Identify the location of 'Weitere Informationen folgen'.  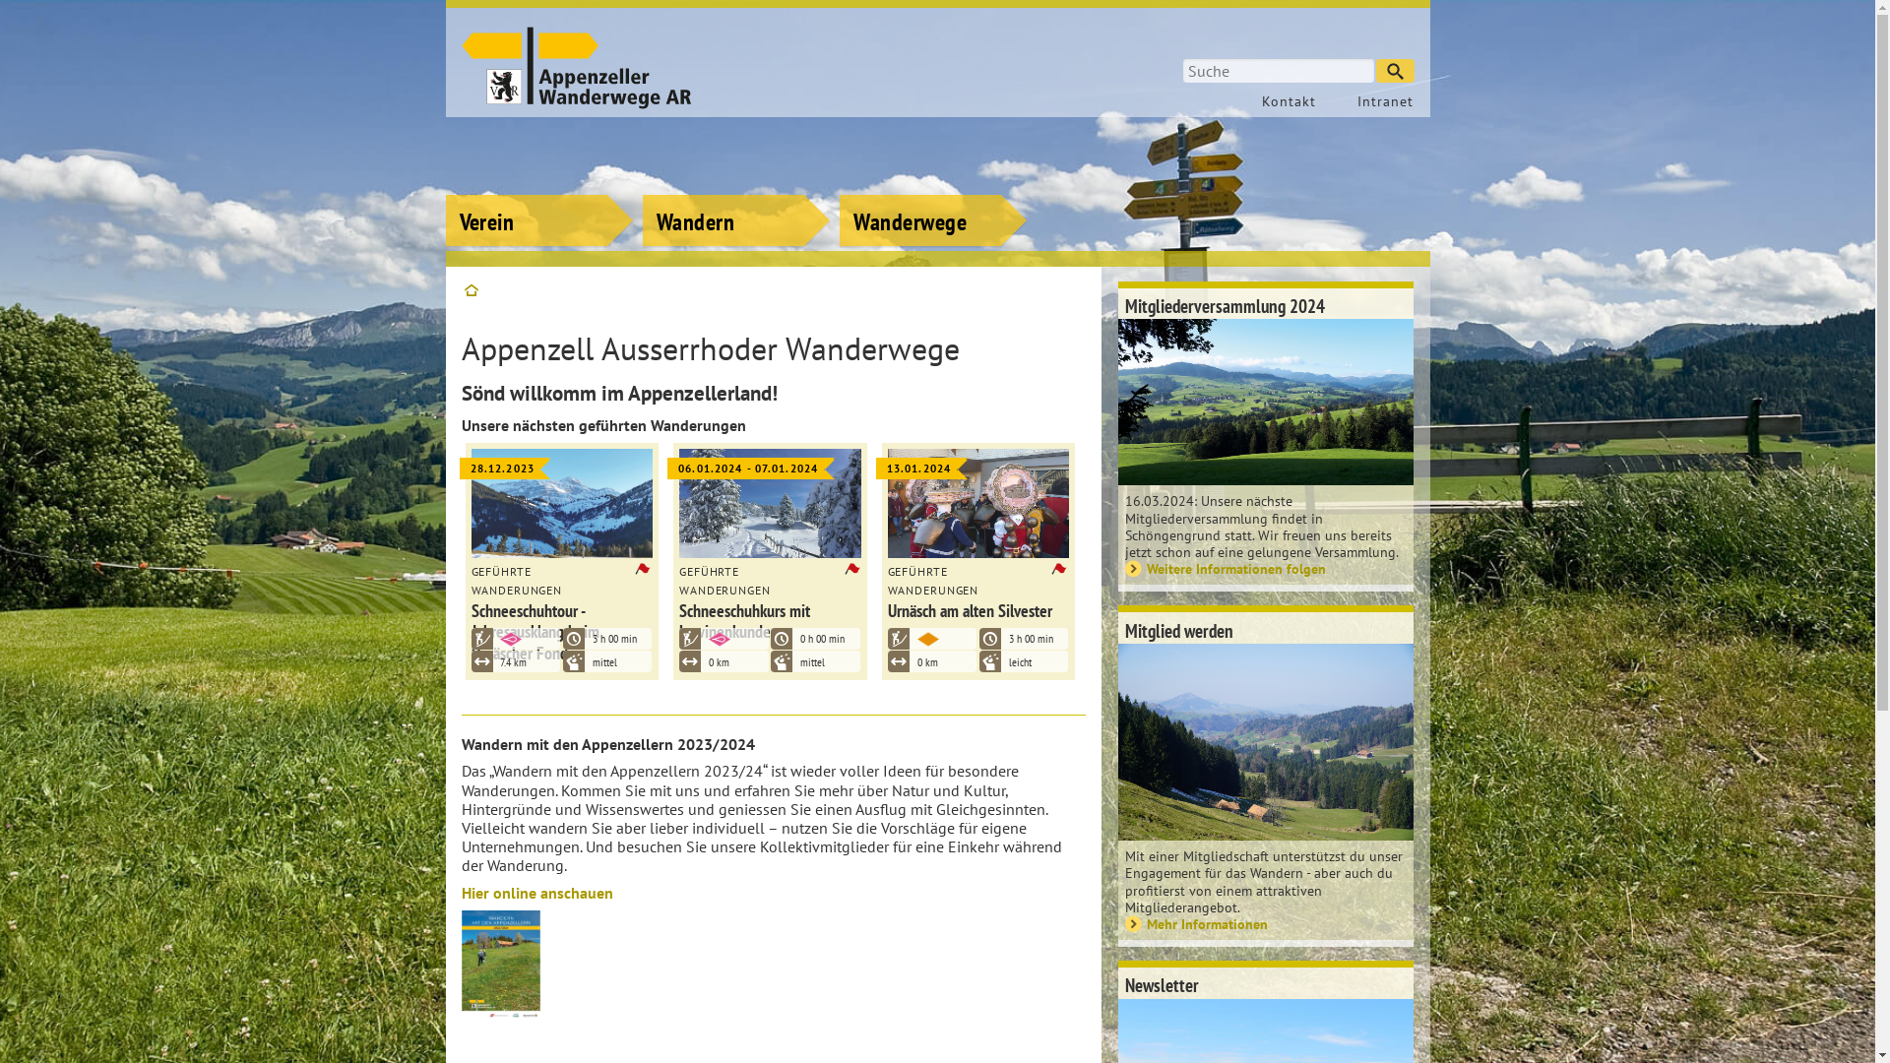
(1266, 568).